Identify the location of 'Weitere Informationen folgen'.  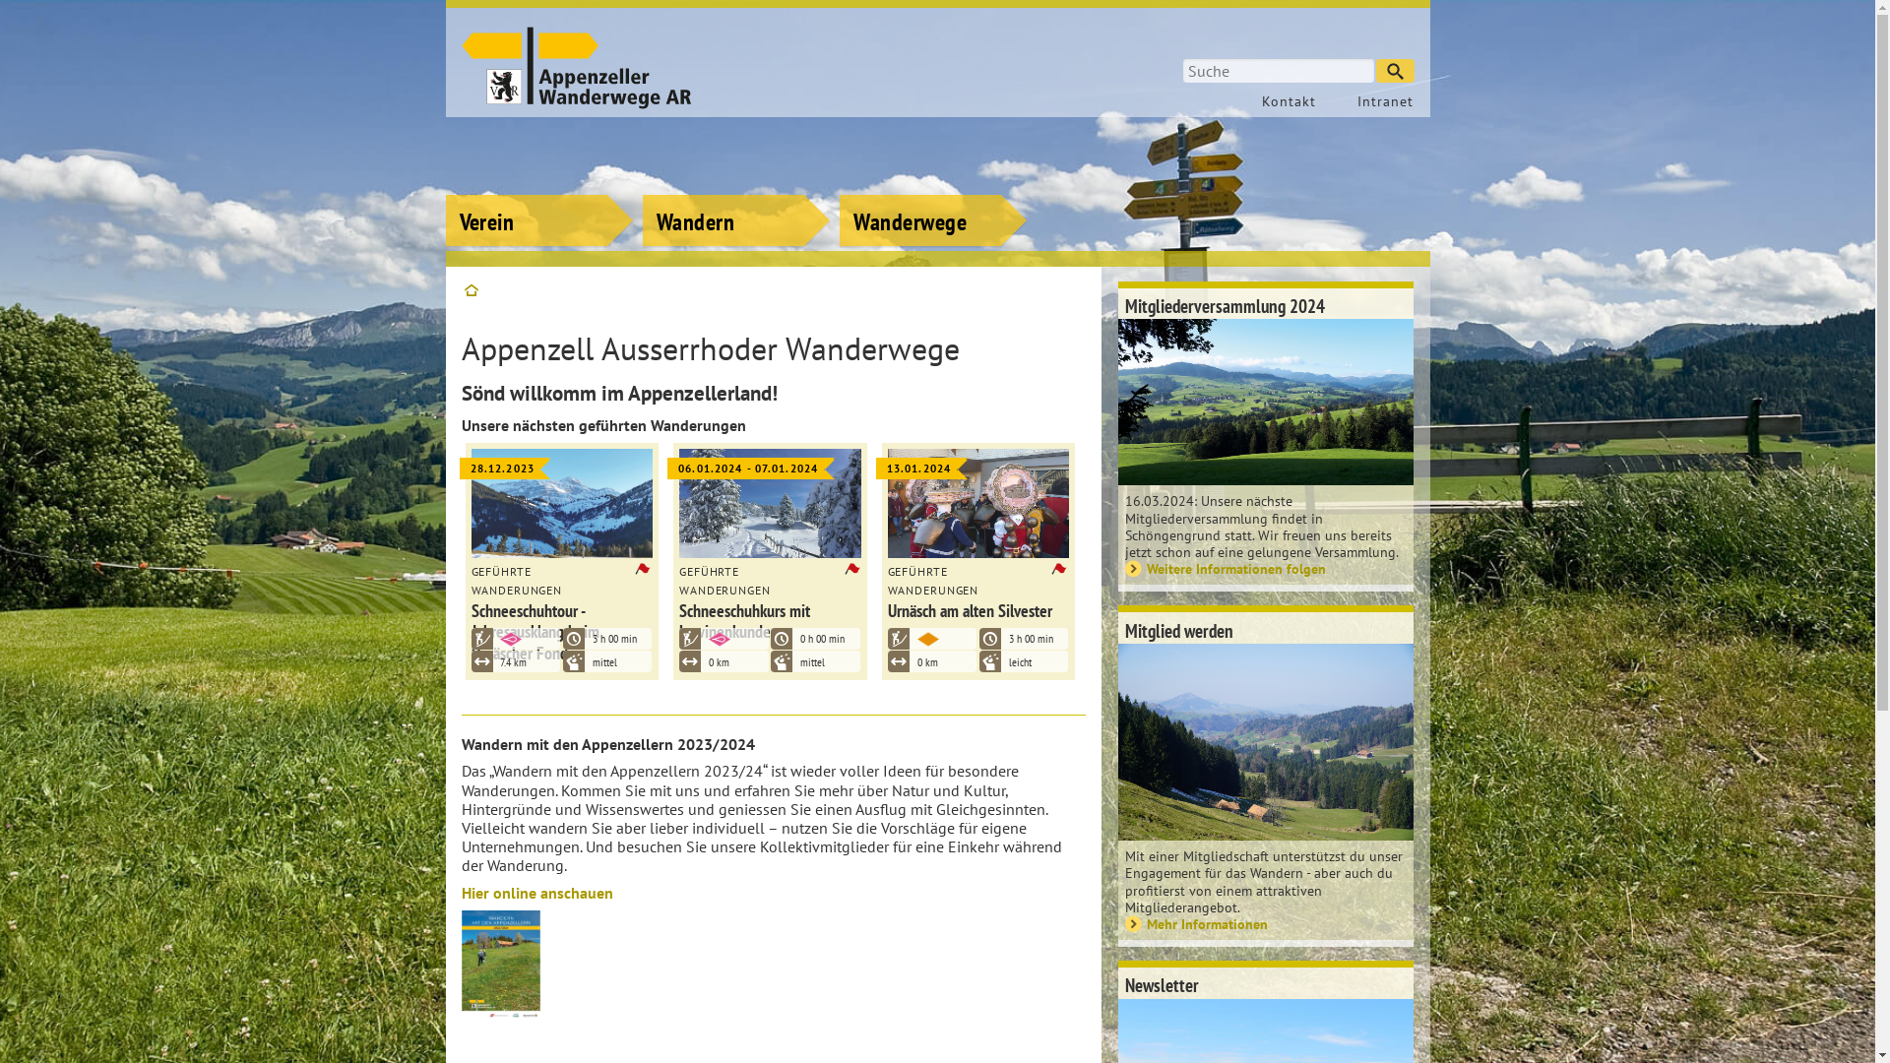
(1266, 568).